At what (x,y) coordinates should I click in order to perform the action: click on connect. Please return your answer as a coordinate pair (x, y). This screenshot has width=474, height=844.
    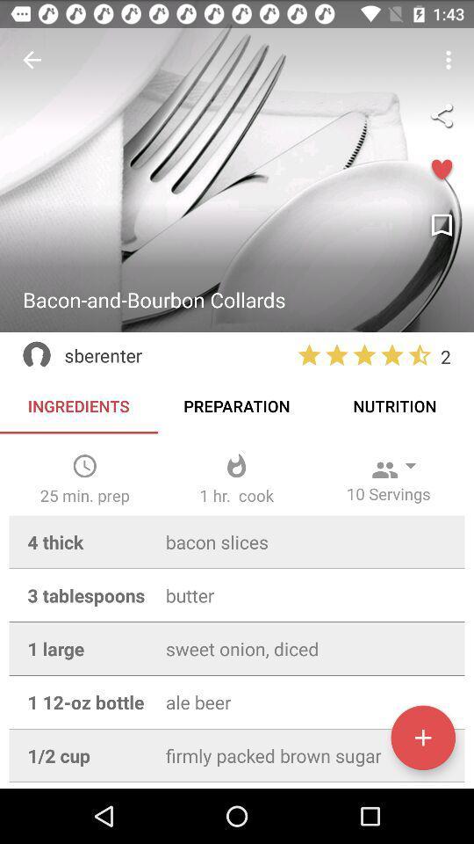
    Looking at the image, I should click on (441, 114).